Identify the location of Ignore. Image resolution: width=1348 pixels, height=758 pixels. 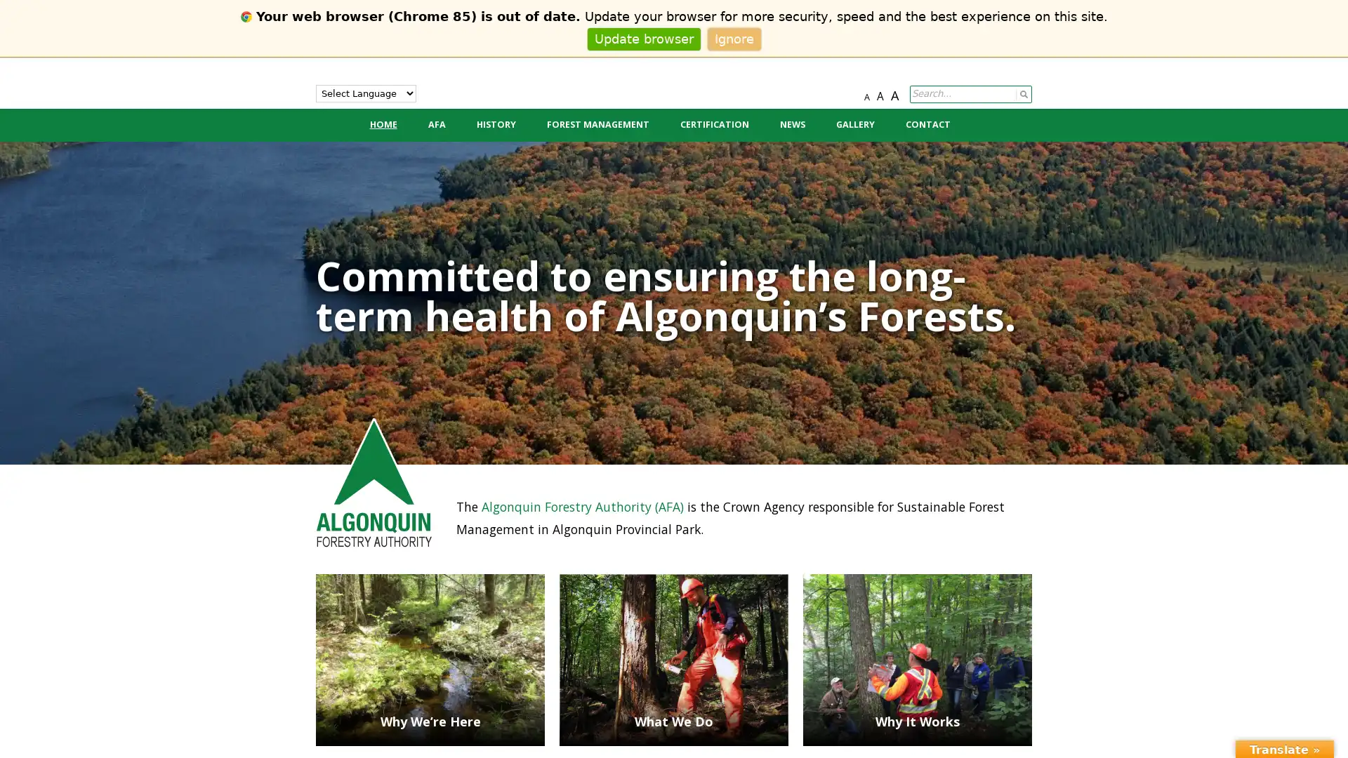
(733, 38).